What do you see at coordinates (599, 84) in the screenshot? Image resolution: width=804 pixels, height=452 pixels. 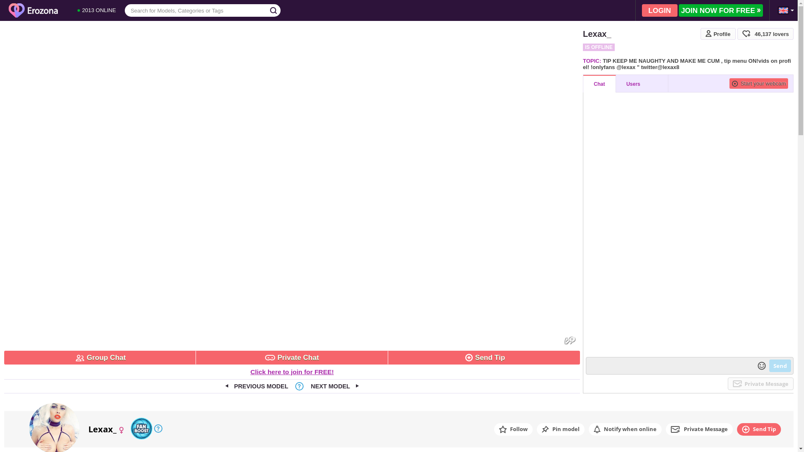 I see `'Chat'` at bounding box center [599, 84].